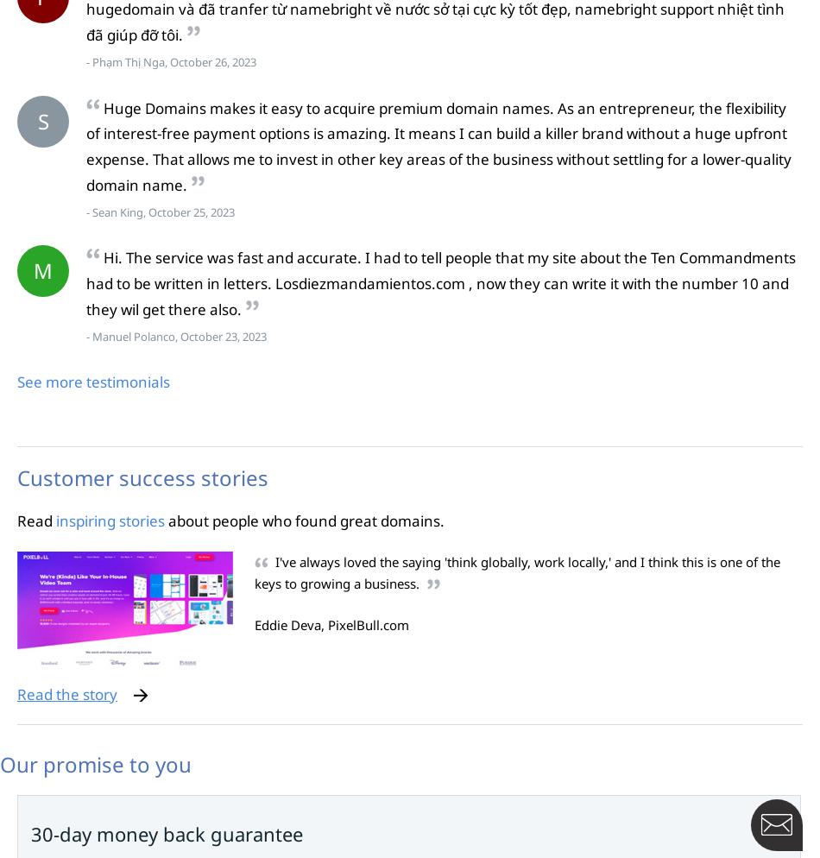 This screenshot has width=820, height=858. Describe the element at coordinates (86, 211) in the screenshot. I see `'- Sean King, October 25, 2023'` at that location.